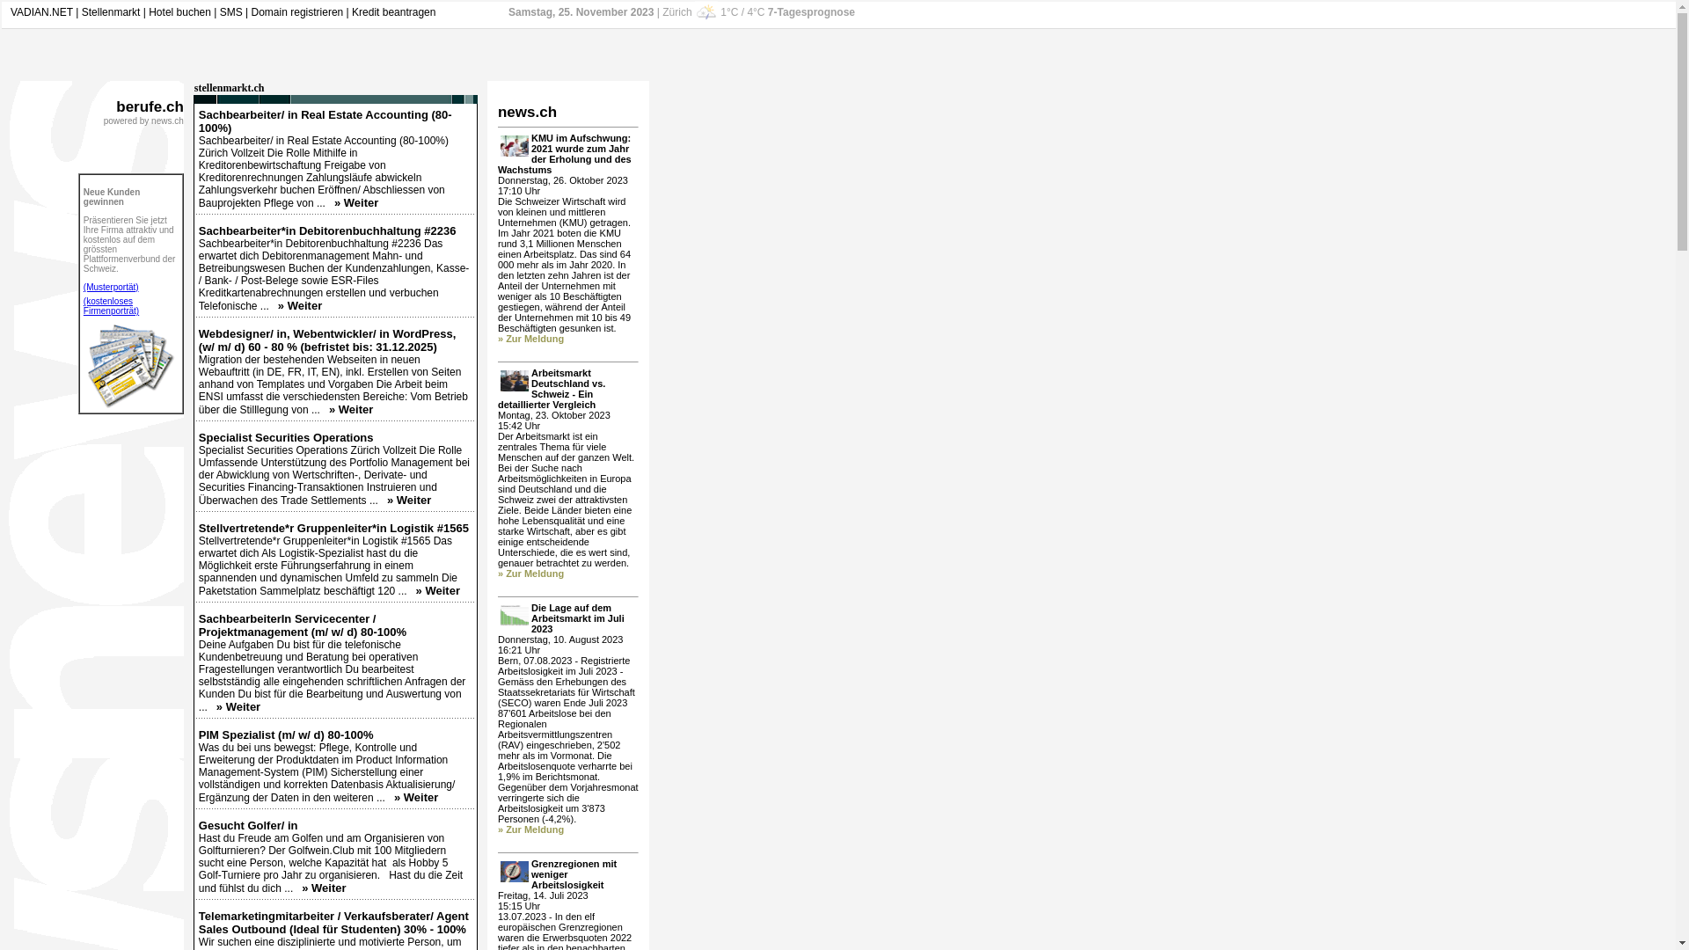 This screenshot has height=950, width=1689. I want to click on 'Domain registrieren', so click(251, 12).